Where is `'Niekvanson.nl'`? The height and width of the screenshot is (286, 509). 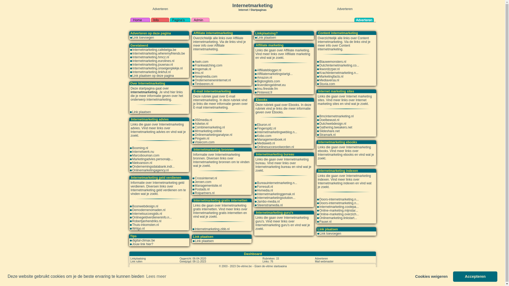 'Niekvanson.nl' is located at coordinates (142, 162).